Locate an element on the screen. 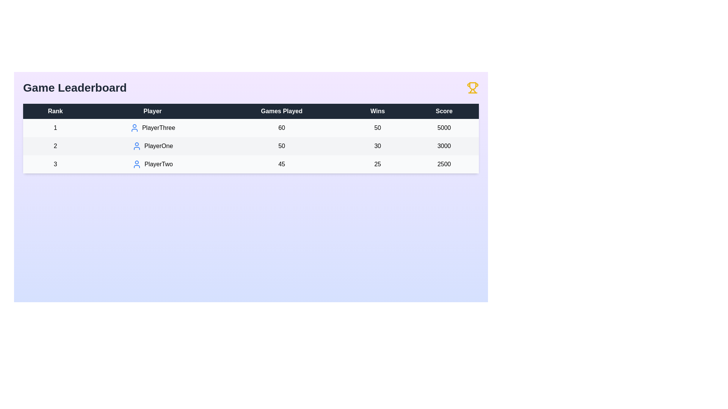  text content of the 'Wins' label for 'PlayerOne' located in the third column of the second row in the leaderboard table is located at coordinates (378, 146).